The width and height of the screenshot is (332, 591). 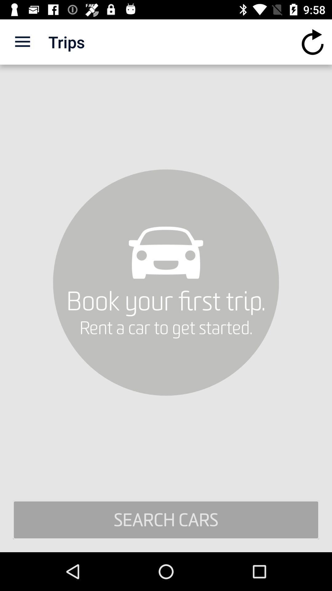 I want to click on item next to the trips app, so click(x=22, y=42).